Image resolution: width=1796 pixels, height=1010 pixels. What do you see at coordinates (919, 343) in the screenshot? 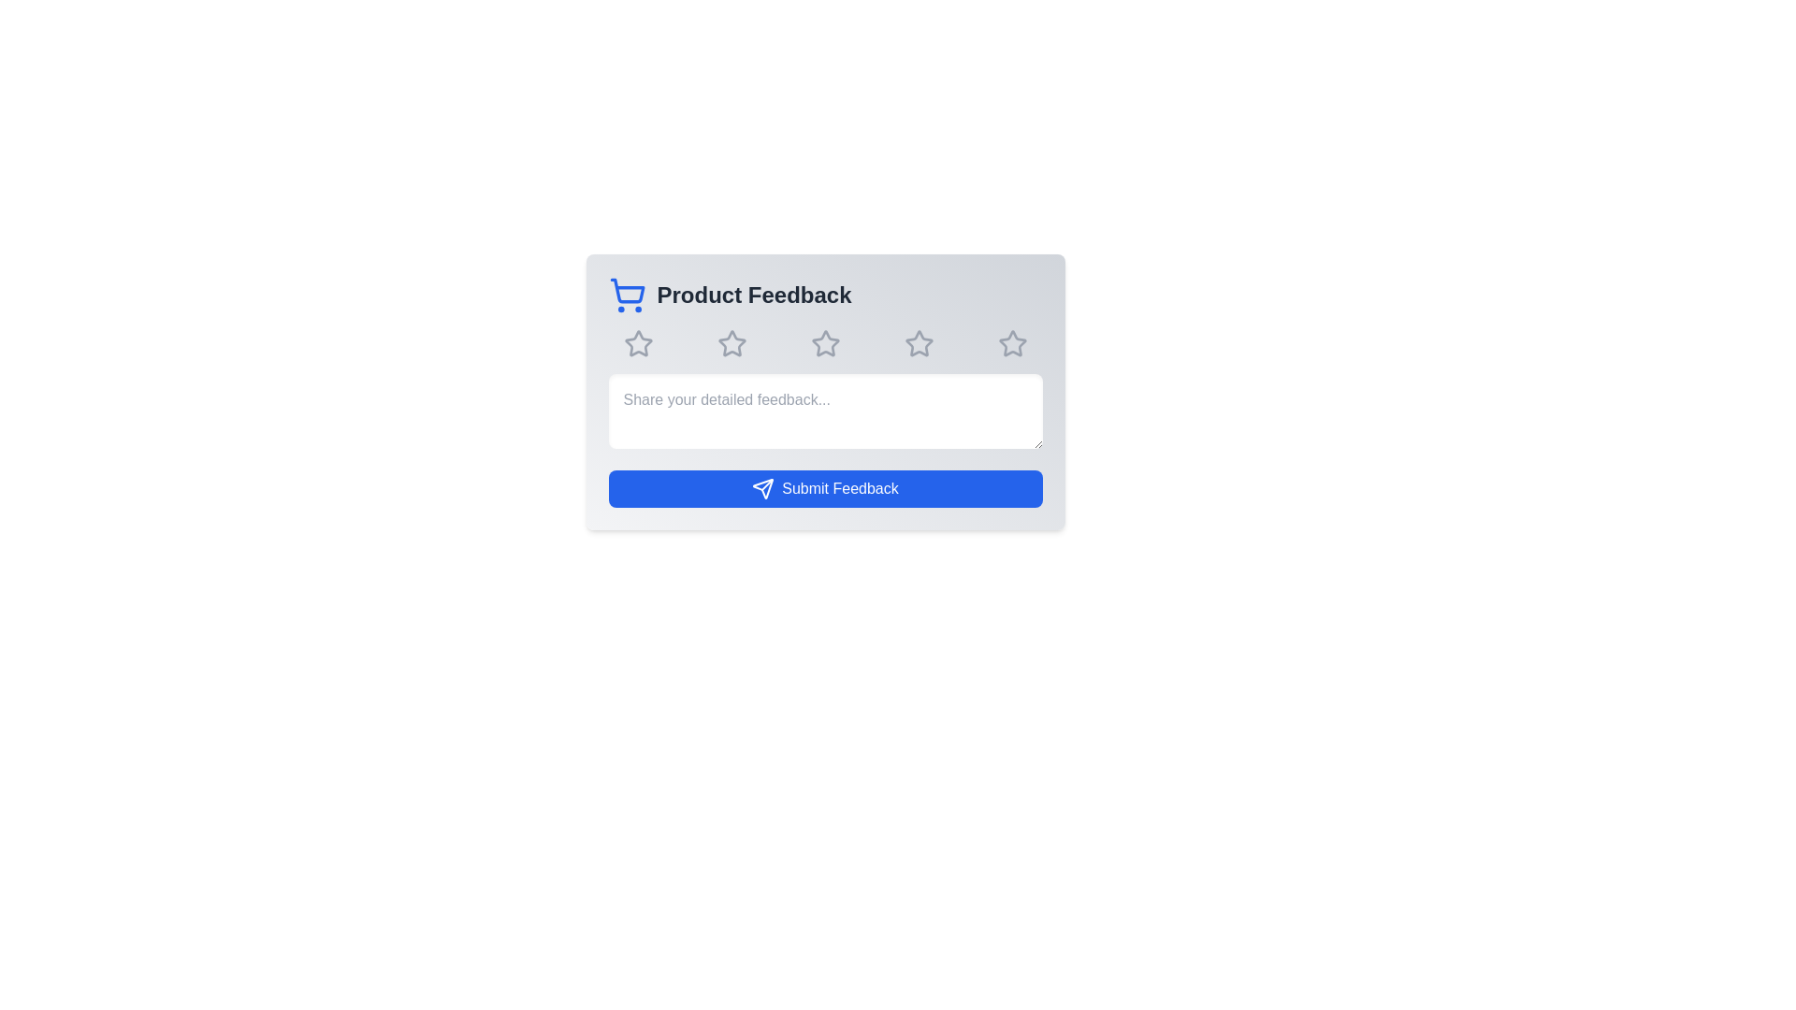
I see `the fourth star icon in the horizontal series of five stars` at bounding box center [919, 343].